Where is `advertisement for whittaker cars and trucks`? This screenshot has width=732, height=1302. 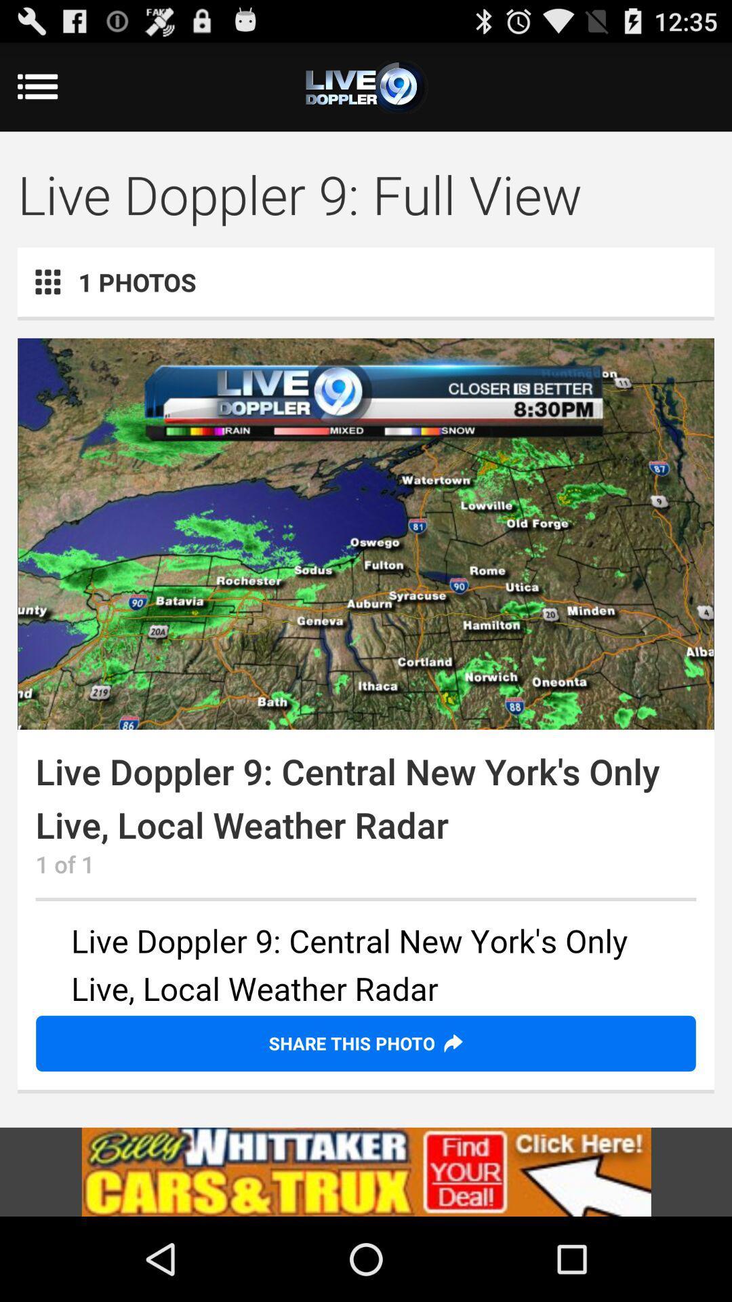 advertisement for whittaker cars and trucks is located at coordinates (366, 1171).